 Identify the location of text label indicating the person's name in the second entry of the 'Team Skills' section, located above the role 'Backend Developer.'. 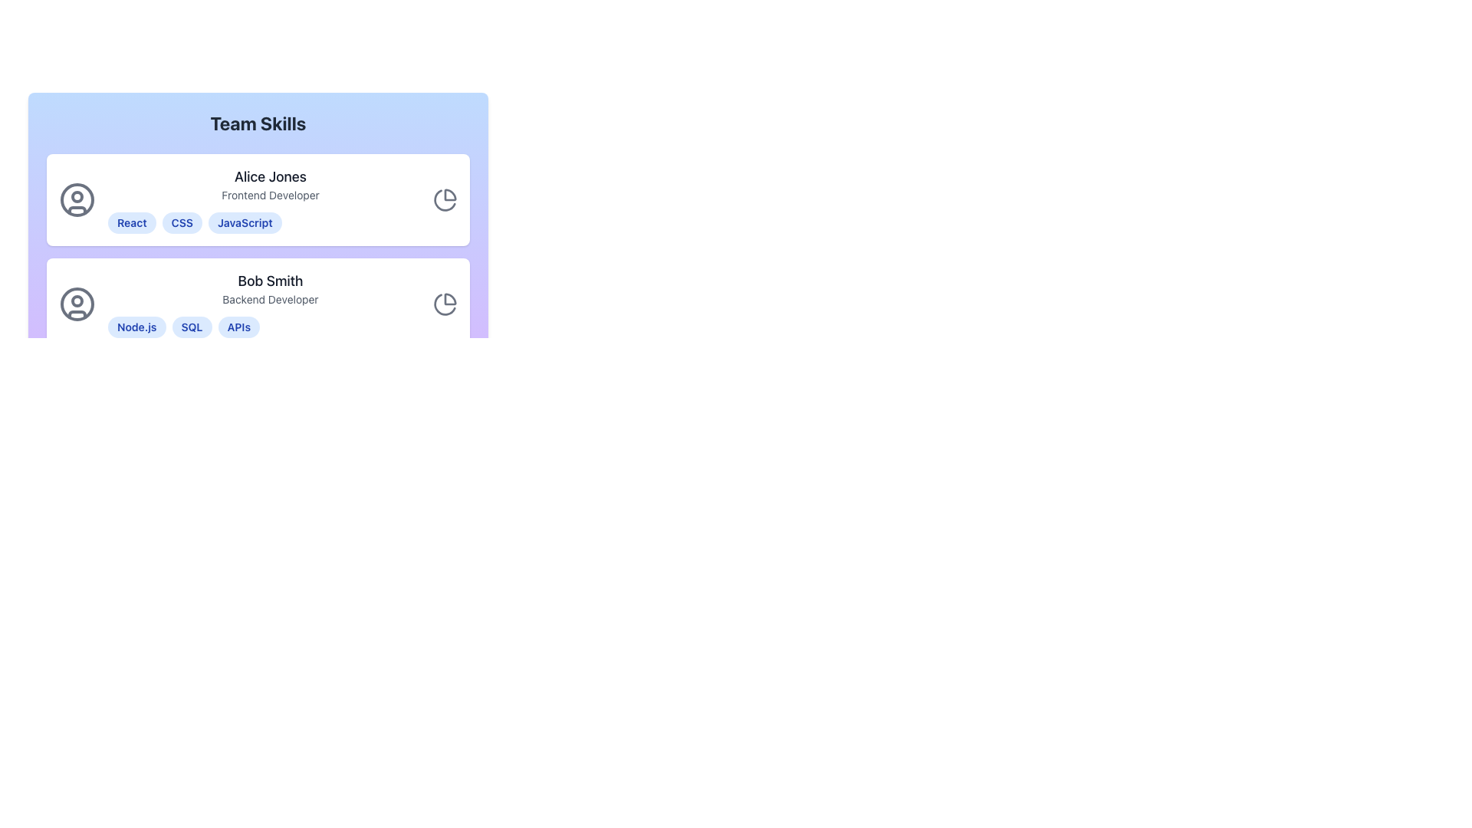
(271, 281).